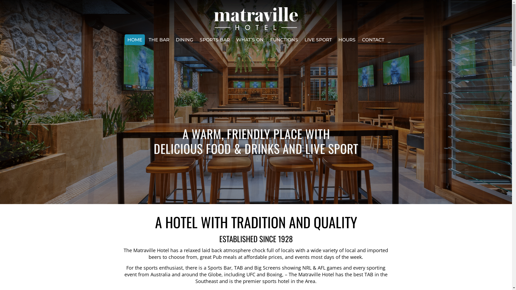 This screenshot has width=516, height=290. Describe the element at coordinates (124, 39) in the screenshot. I see `'HOME'` at that location.